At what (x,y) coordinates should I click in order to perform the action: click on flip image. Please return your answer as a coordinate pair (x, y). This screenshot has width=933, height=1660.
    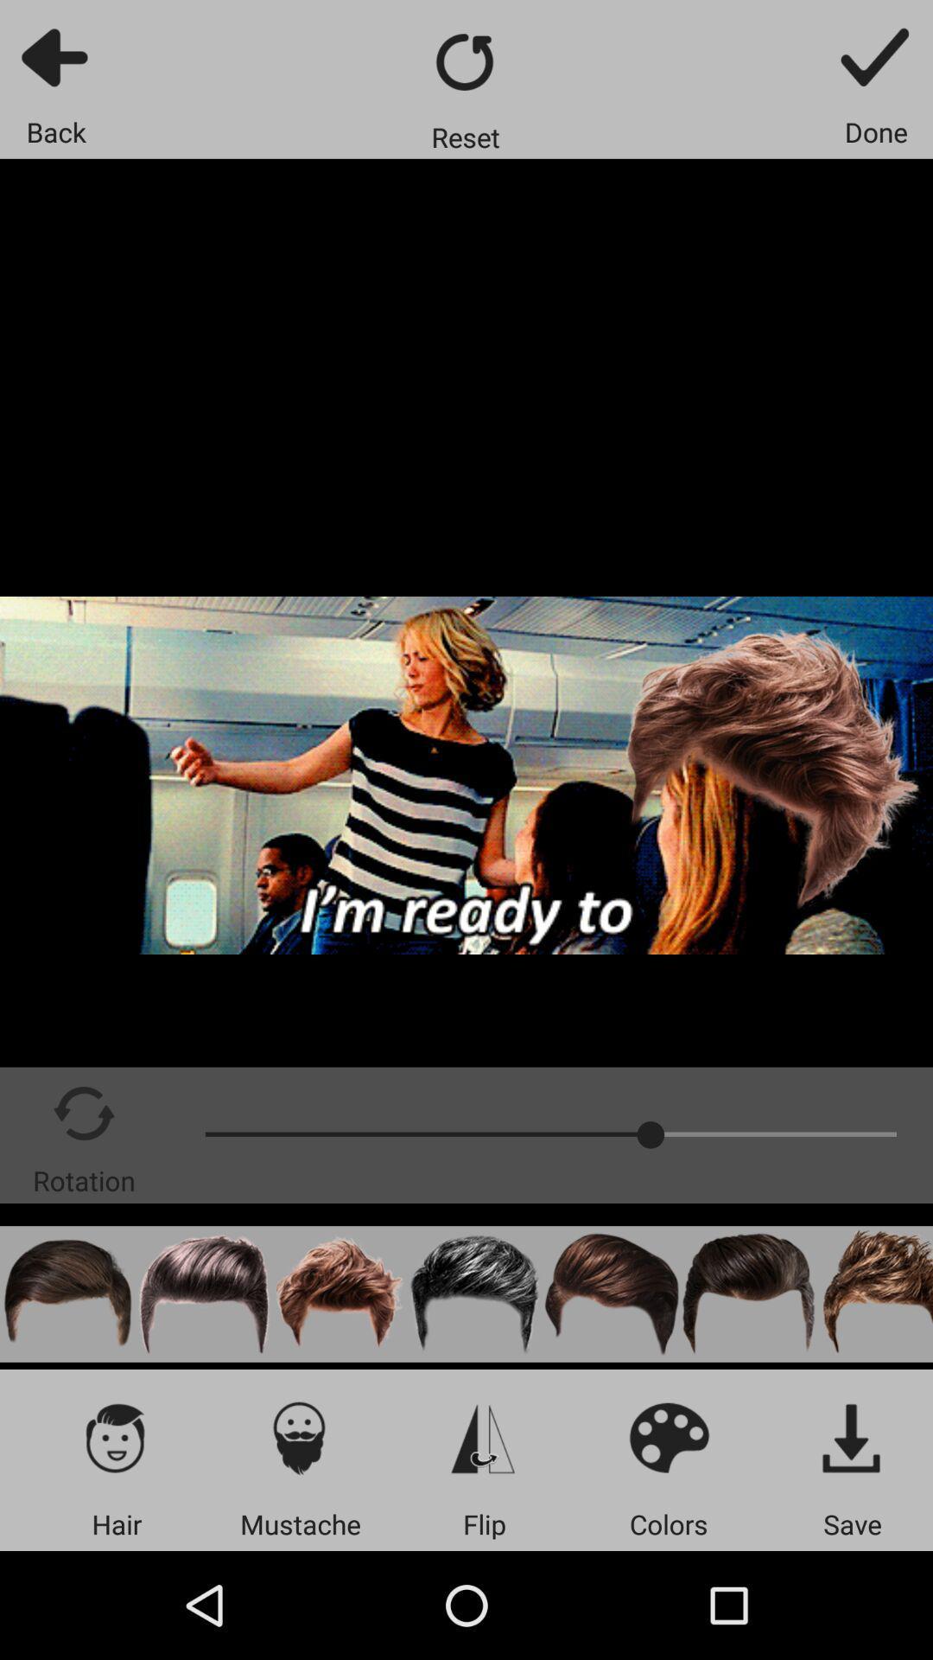
    Looking at the image, I should click on (484, 1437).